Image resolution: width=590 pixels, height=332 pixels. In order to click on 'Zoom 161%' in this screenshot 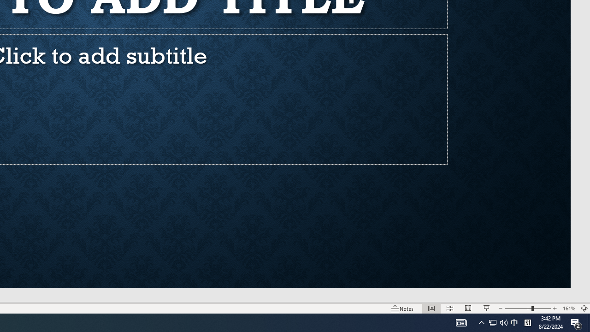, I will do `click(568, 308)`.